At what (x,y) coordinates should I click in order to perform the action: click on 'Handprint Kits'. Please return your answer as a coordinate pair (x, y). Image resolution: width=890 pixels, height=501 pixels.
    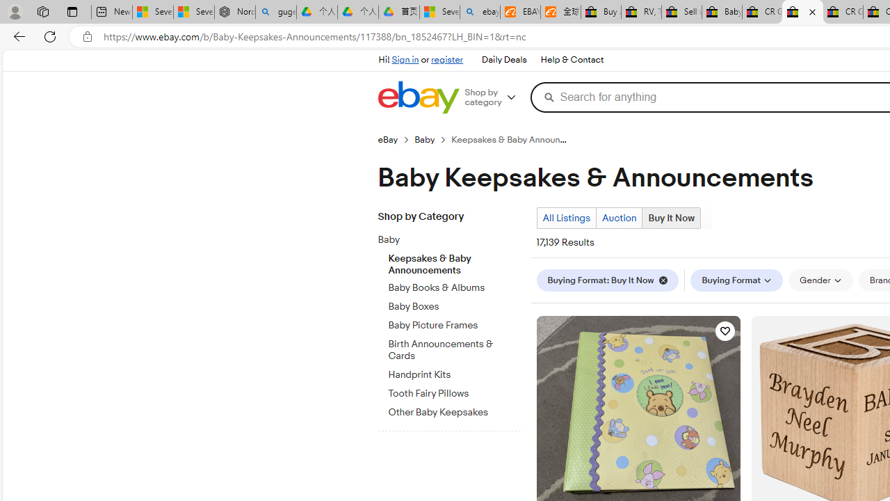
    Looking at the image, I should click on (454, 372).